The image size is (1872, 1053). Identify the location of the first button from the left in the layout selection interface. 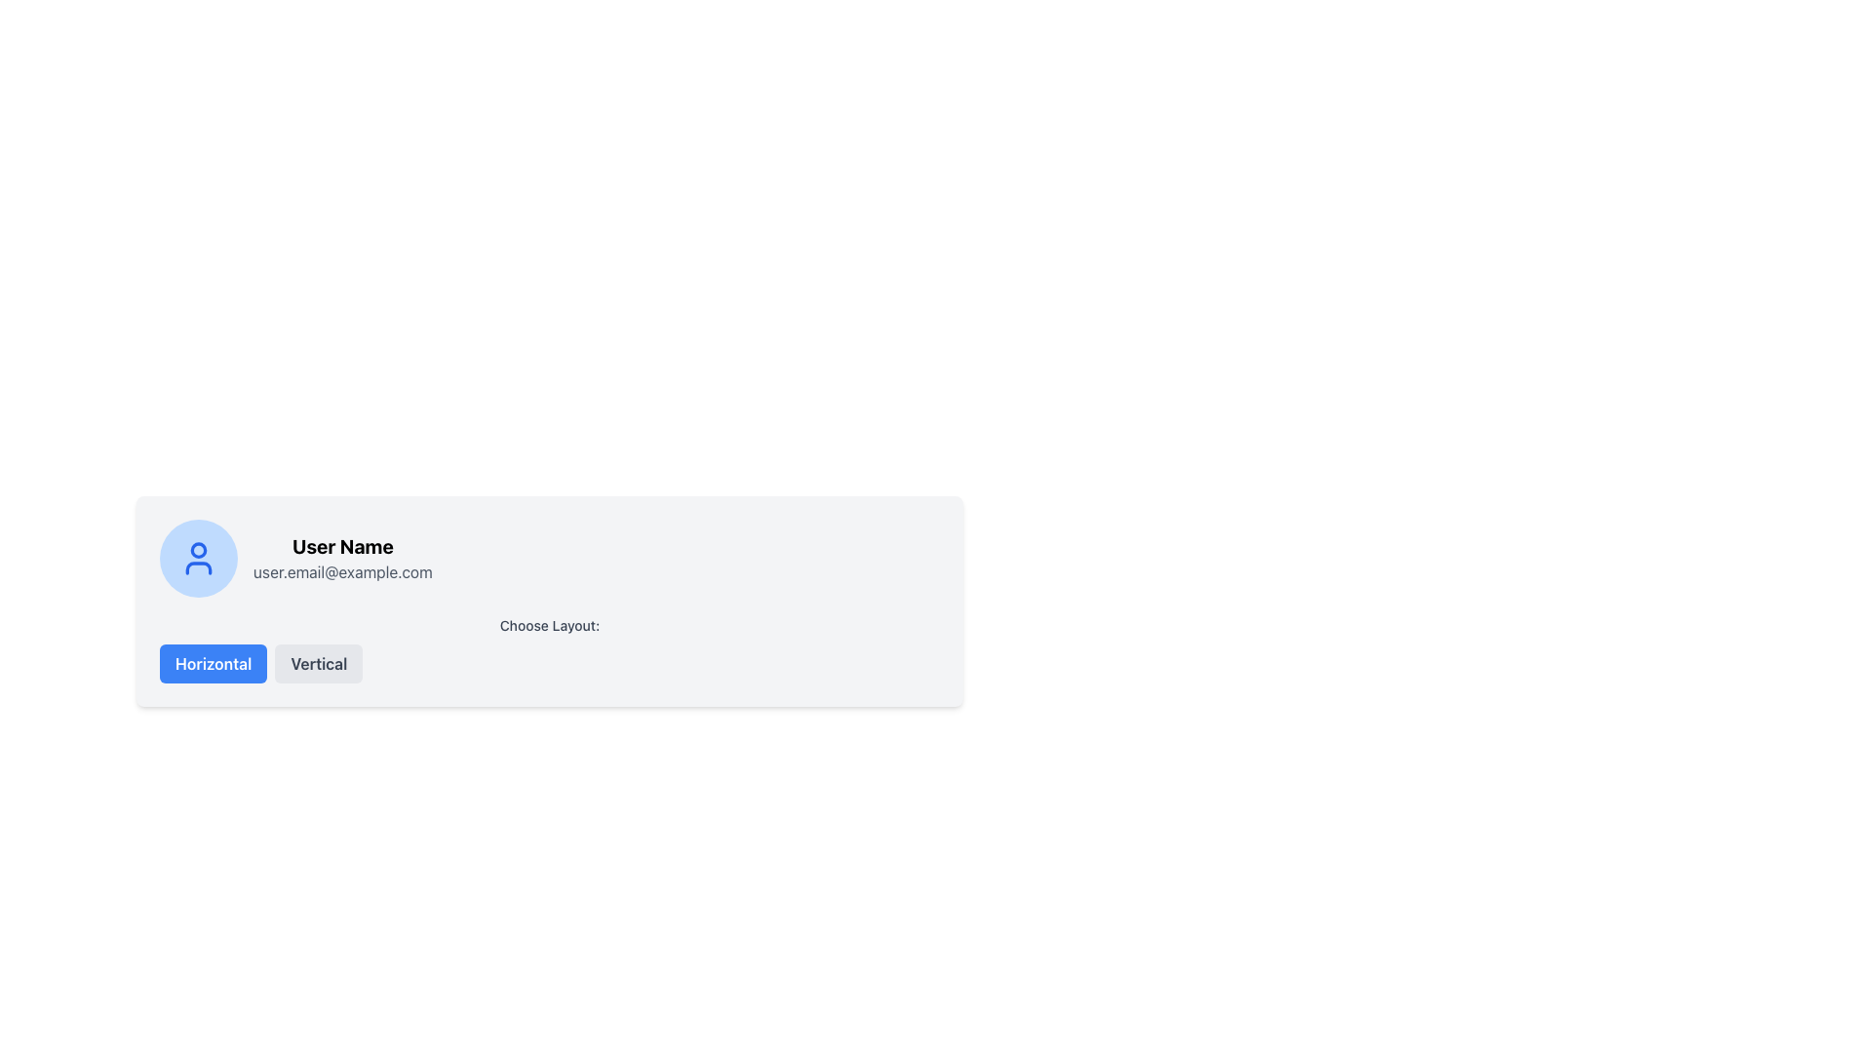
(214, 663).